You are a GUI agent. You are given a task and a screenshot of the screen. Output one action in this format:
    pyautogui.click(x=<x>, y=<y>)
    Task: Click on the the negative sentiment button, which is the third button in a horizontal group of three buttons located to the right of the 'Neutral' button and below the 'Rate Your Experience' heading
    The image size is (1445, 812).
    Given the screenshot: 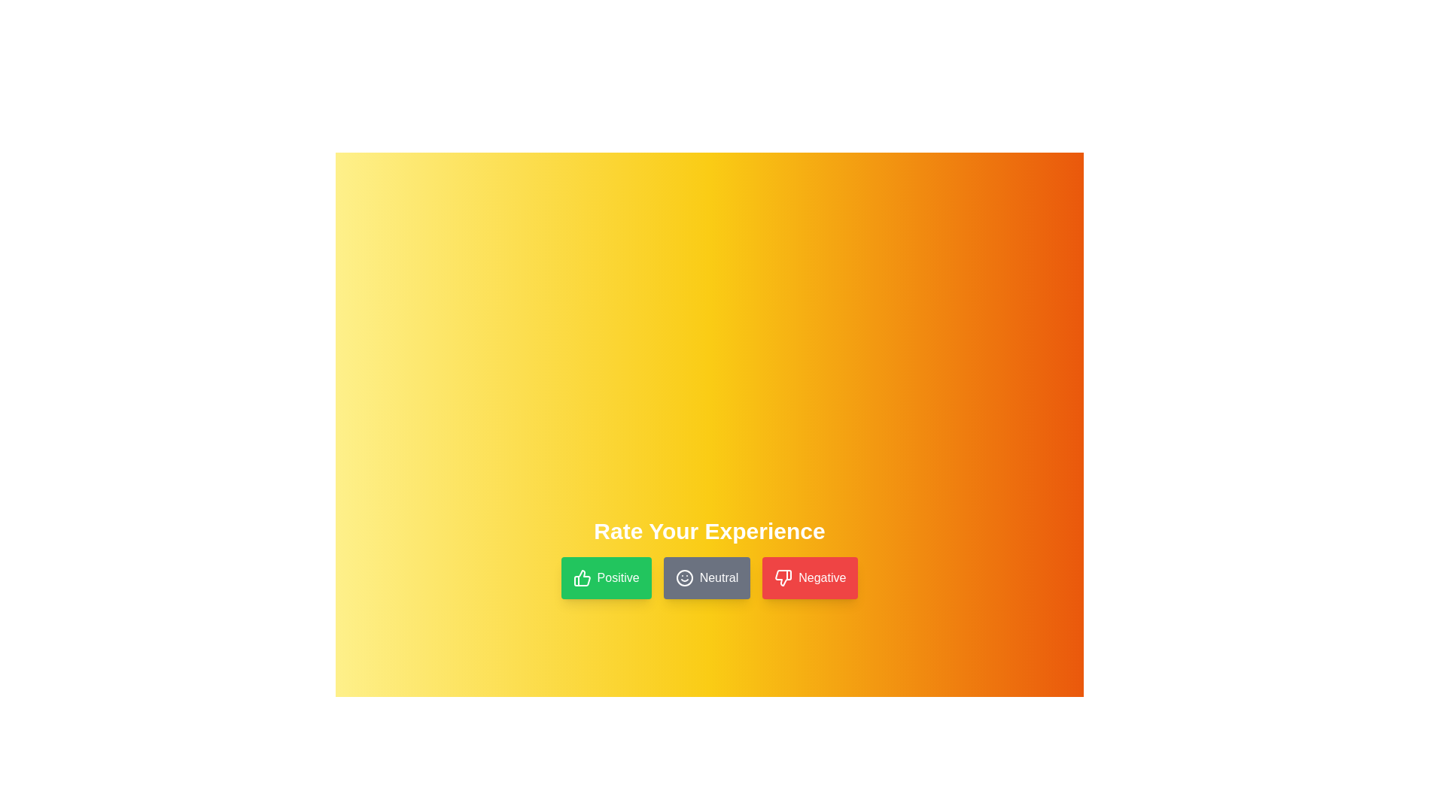 What is the action you would take?
    pyautogui.click(x=809, y=577)
    